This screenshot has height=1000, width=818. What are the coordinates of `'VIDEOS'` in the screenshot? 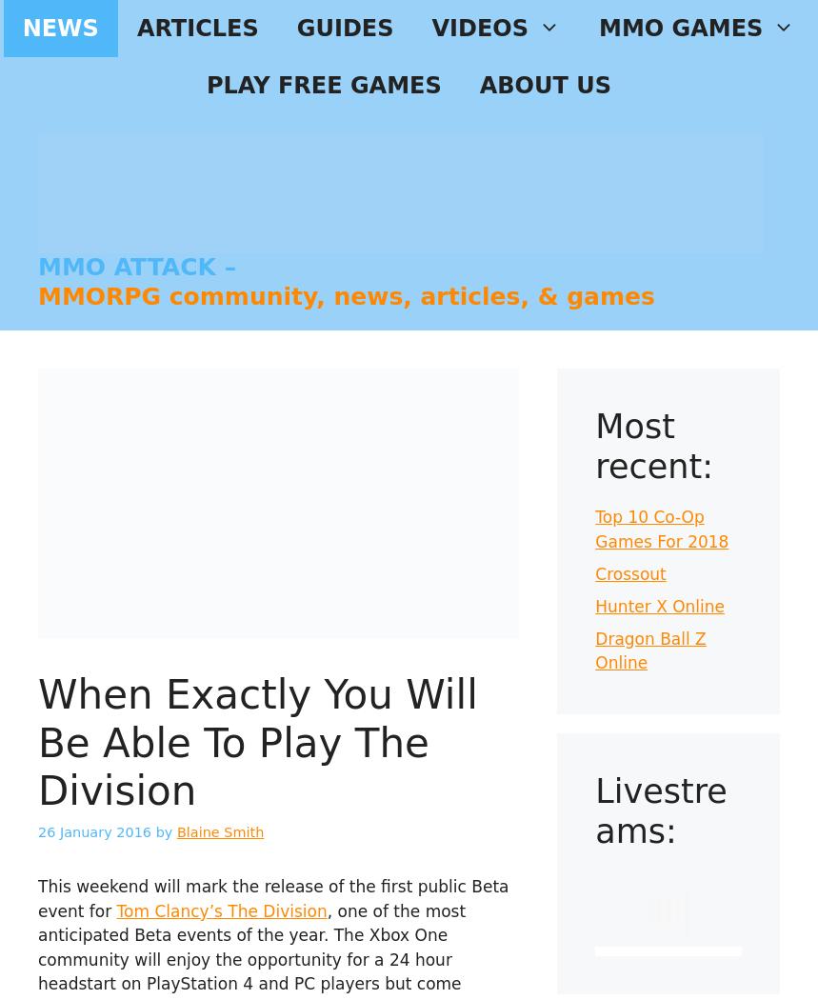 It's located at (430, 29).